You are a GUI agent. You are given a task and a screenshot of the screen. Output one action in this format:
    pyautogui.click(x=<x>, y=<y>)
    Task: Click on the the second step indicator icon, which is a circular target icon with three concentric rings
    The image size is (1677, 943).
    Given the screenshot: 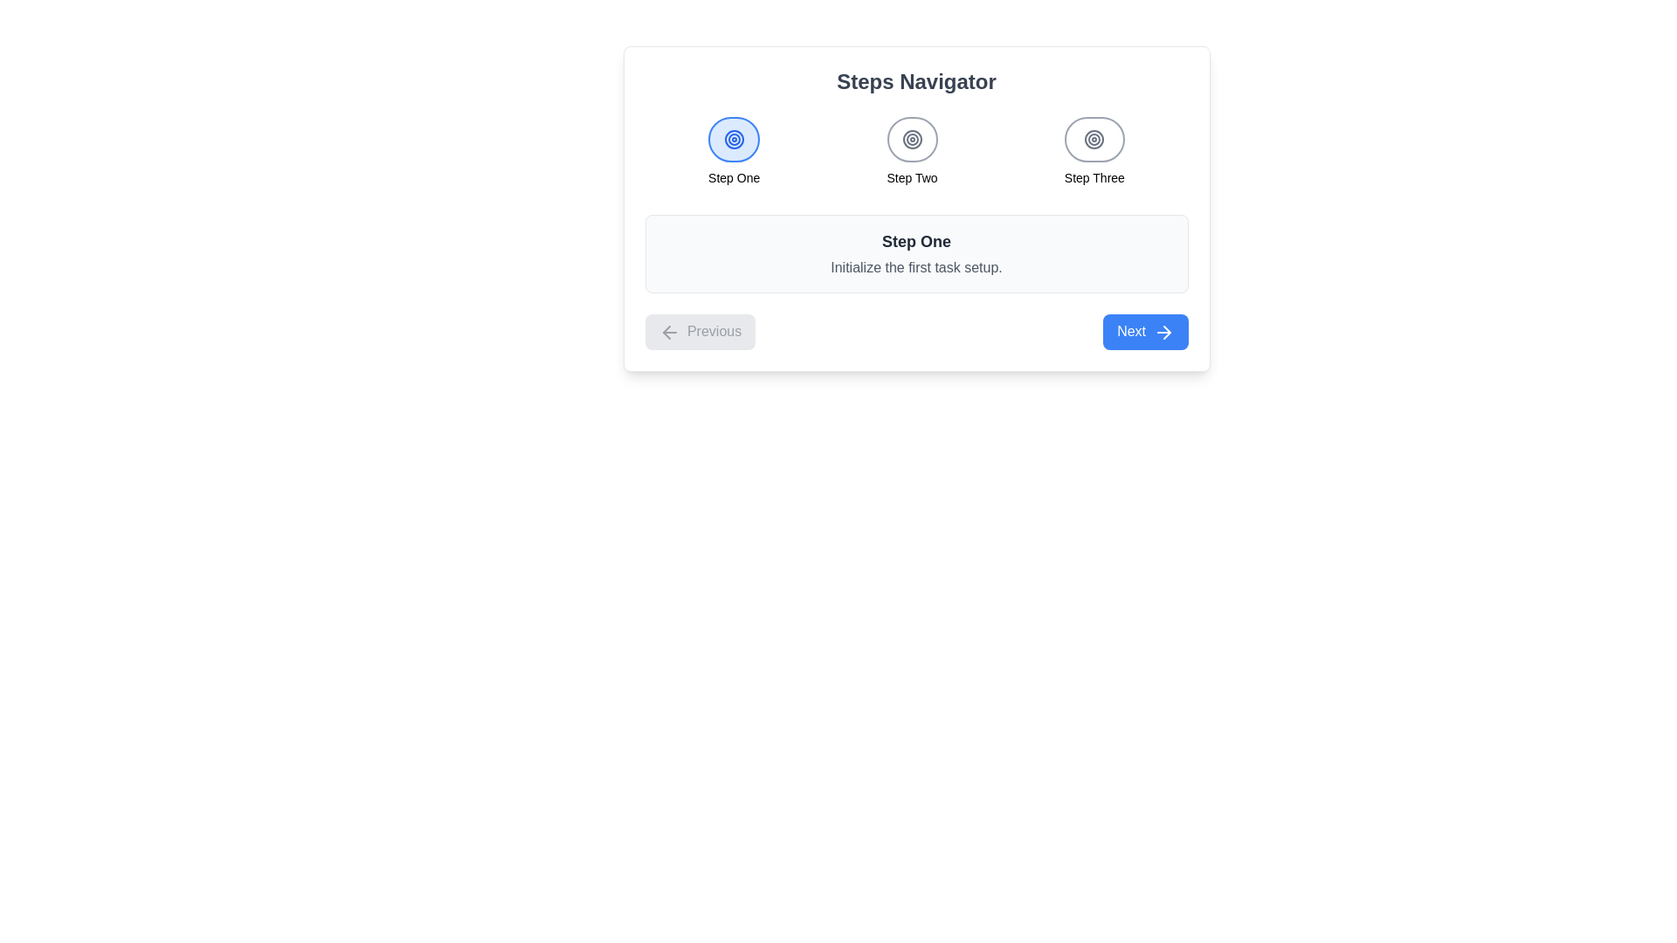 What is the action you would take?
    pyautogui.click(x=911, y=138)
    